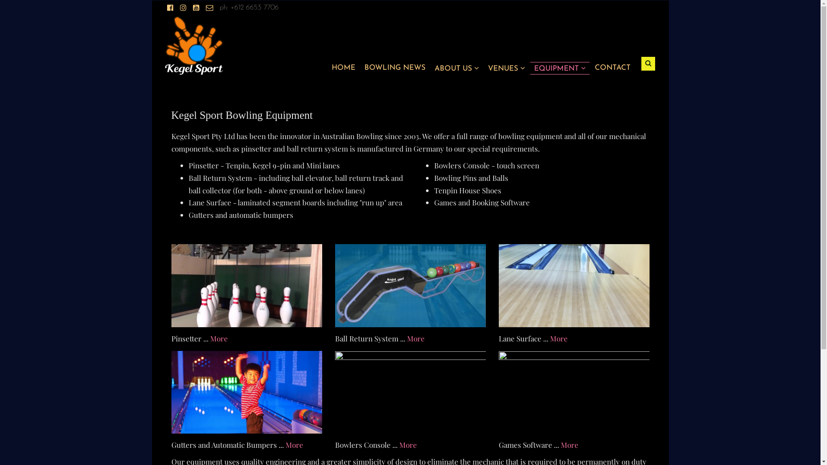 Image resolution: width=827 pixels, height=465 pixels. What do you see at coordinates (394, 67) in the screenshot?
I see `'BOWLING NEWS'` at bounding box center [394, 67].